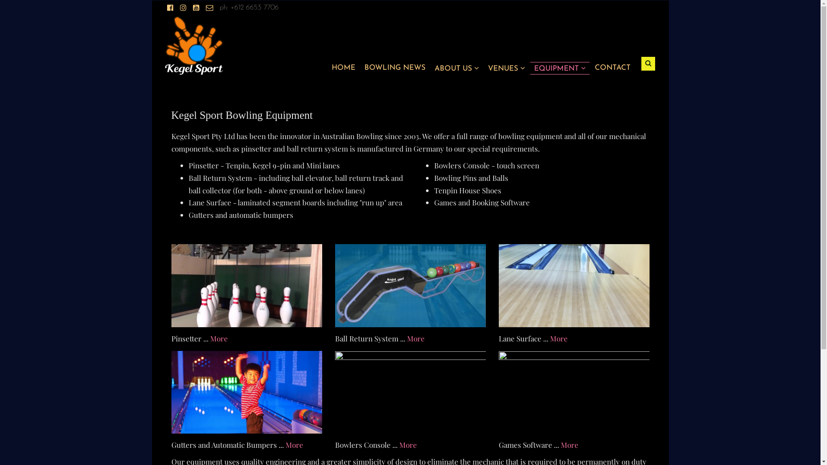 Image resolution: width=827 pixels, height=465 pixels. What do you see at coordinates (394, 67) in the screenshot?
I see `'BOWLING NEWS'` at bounding box center [394, 67].